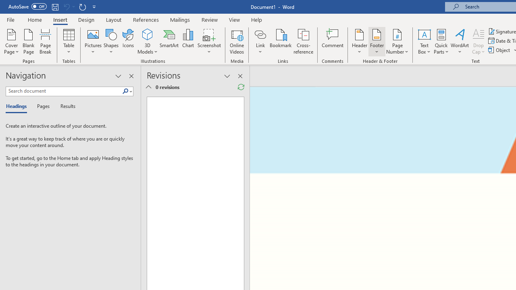 The height and width of the screenshot is (290, 516). What do you see at coordinates (11, 41) in the screenshot?
I see `'Cover Page'` at bounding box center [11, 41].